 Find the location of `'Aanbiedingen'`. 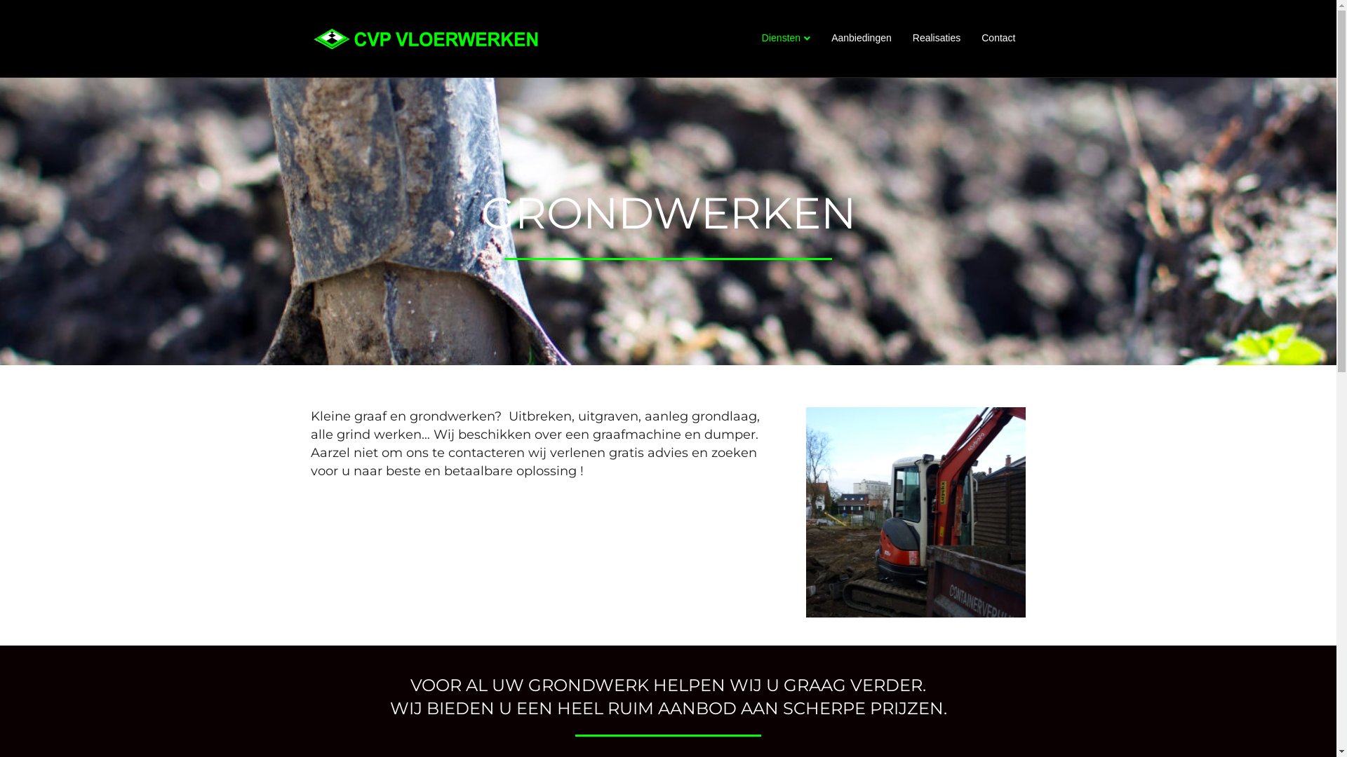

'Aanbiedingen' is located at coordinates (861, 37).